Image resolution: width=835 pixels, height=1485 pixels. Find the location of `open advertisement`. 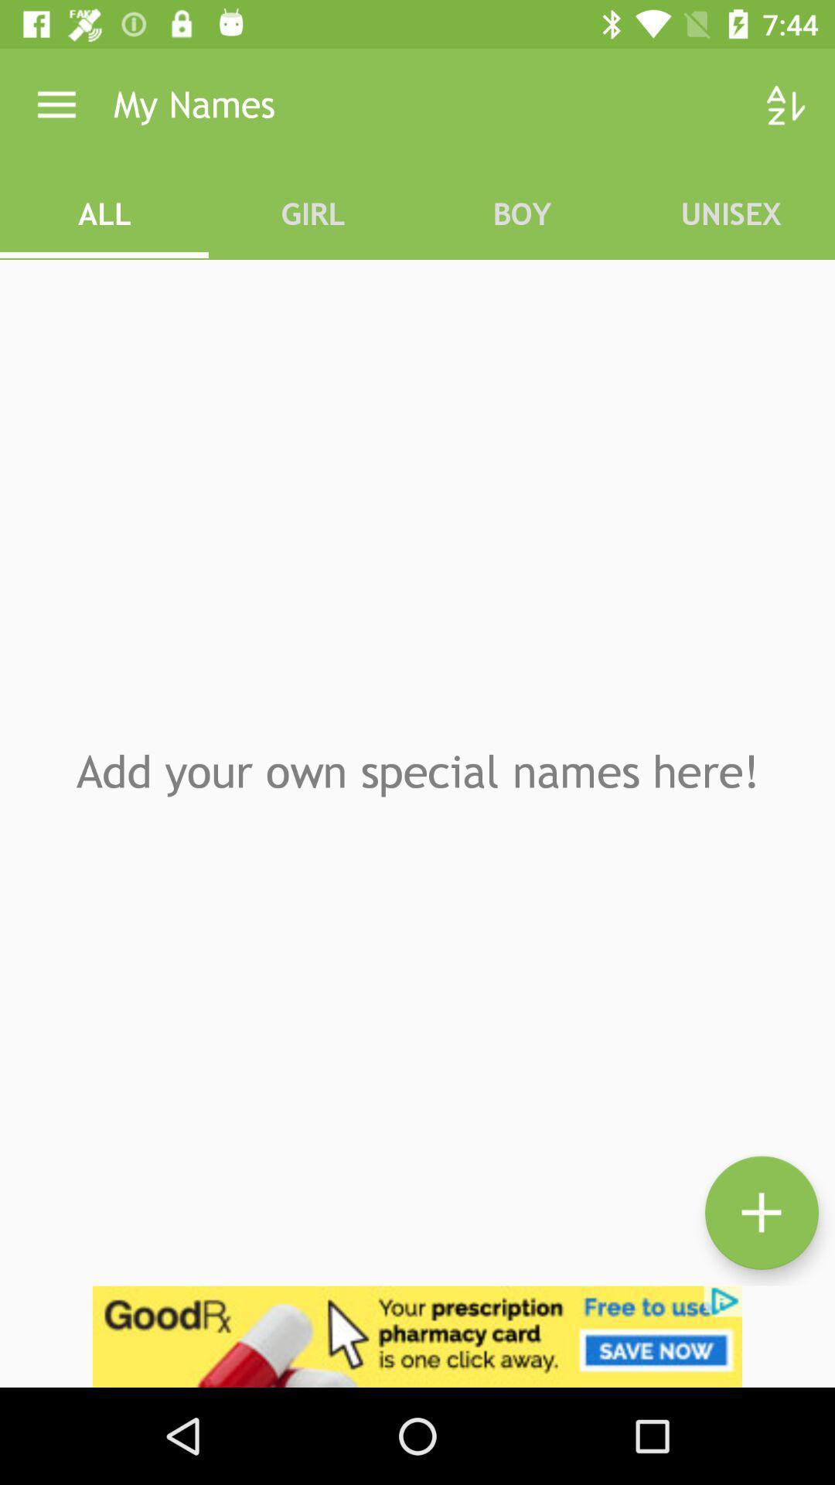

open advertisement is located at coordinates (417, 1336).